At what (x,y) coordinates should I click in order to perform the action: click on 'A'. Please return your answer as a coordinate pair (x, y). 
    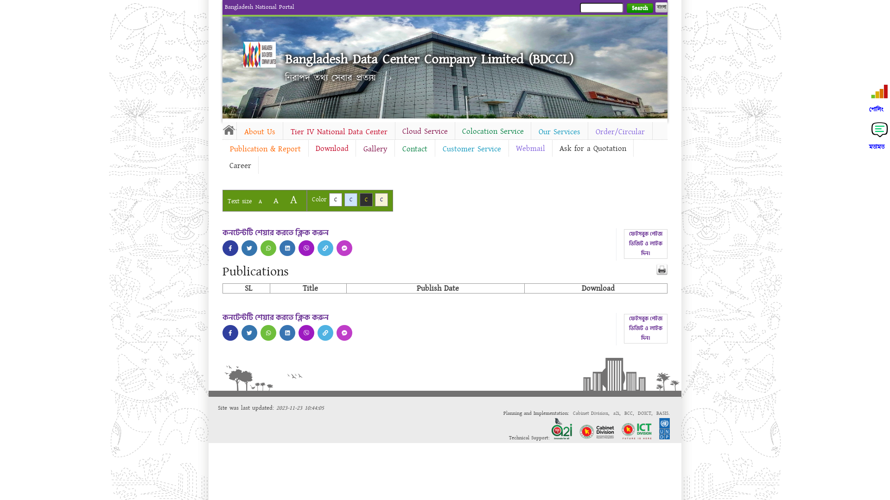
    Looking at the image, I should click on (275, 200).